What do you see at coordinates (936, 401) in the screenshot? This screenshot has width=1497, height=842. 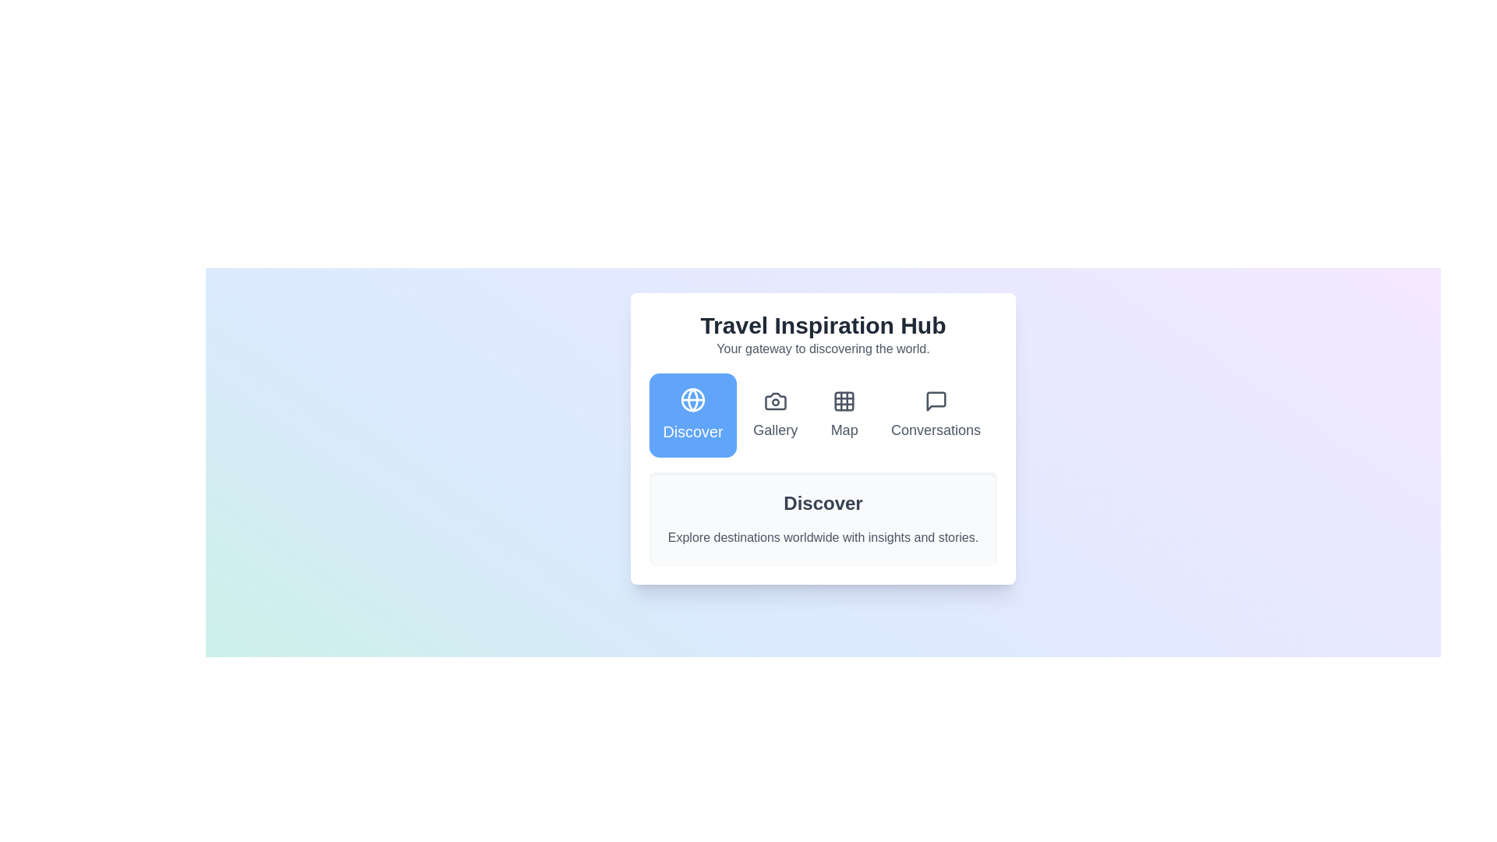 I see `the 'Conversations' icon, which is the fourth icon from the left` at bounding box center [936, 401].